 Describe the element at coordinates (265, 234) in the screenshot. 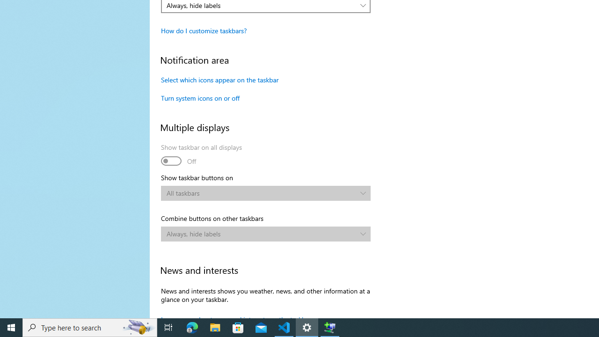

I see `'Combine buttons on other taskbars'` at that location.